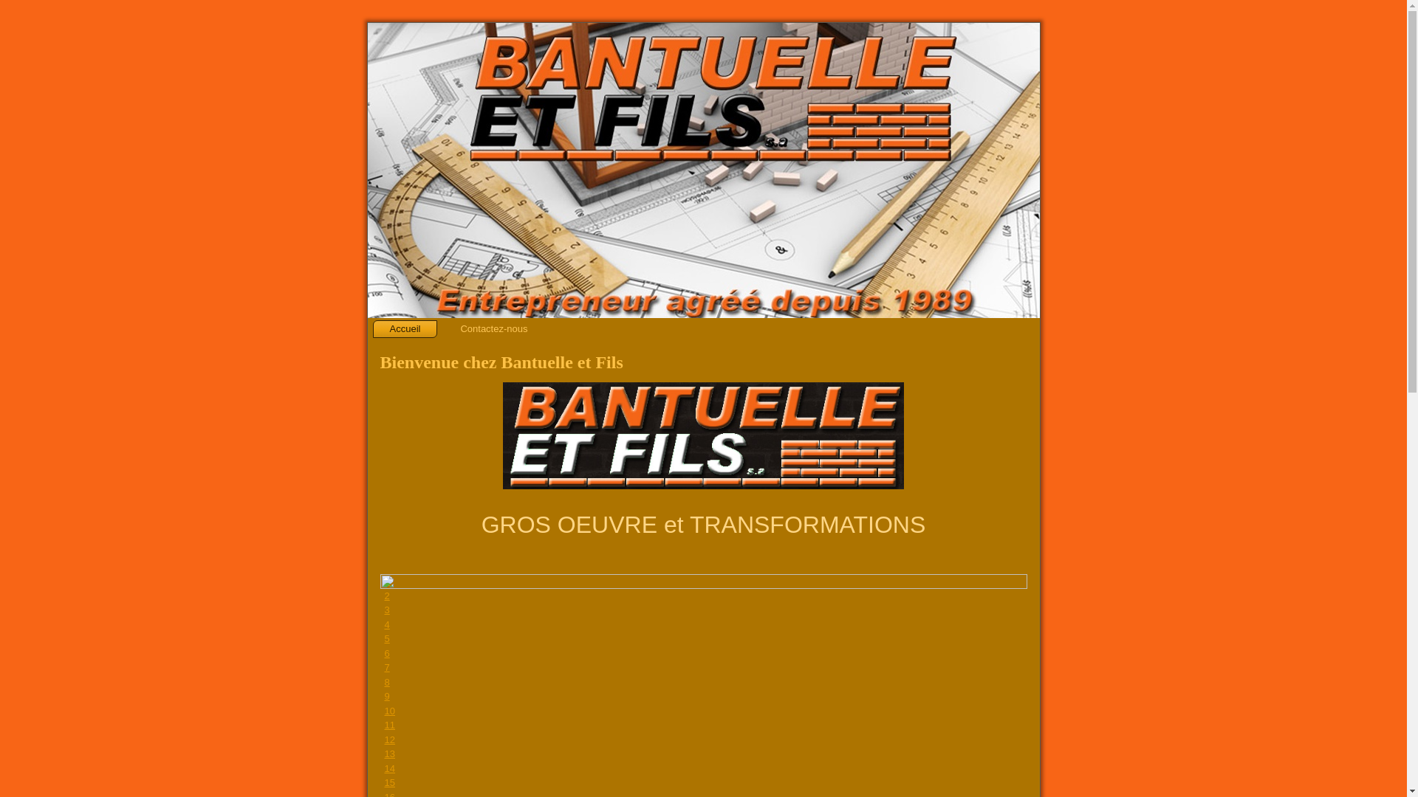  Describe the element at coordinates (386, 681) in the screenshot. I see `'8'` at that location.